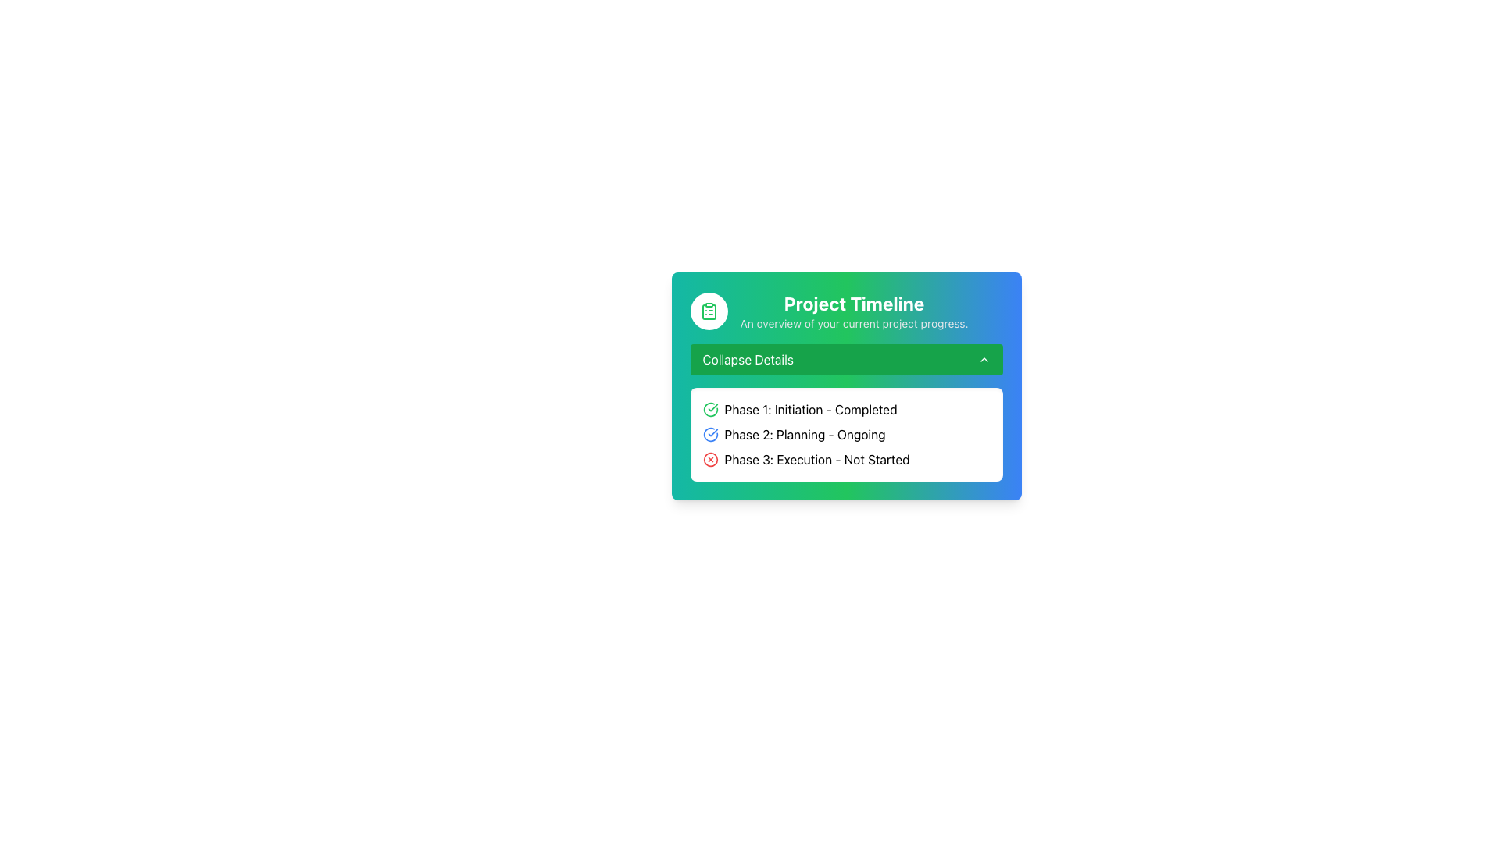 Image resolution: width=1500 pixels, height=843 pixels. Describe the element at coordinates (853, 304) in the screenshot. I see `text label 'Project Timeline' which is displayed in bold white font against a gradient background, indicating its importance as the header of the project overview` at that location.